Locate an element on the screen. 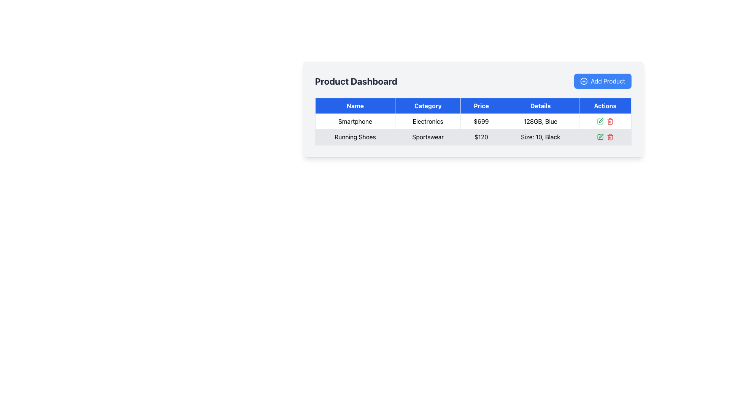 Image resolution: width=730 pixels, height=410 pixels. the price display of the smartphone, which shows '$699' in the second column of the product dashboard table is located at coordinates (473, 121).